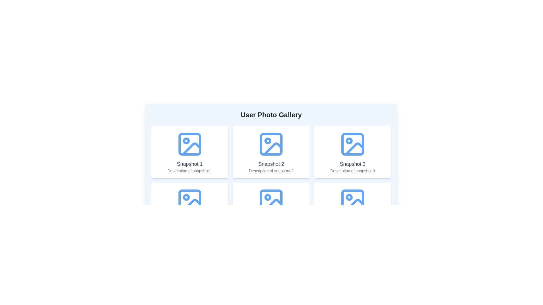  What do you see at coordinates (352, 164) in the screenshot?
I see `text label displaying 'Snapshot 3' in medium-sized gray font, located below an icon within the third snapshot card in the grid layout` at bounding box center [352, 164].